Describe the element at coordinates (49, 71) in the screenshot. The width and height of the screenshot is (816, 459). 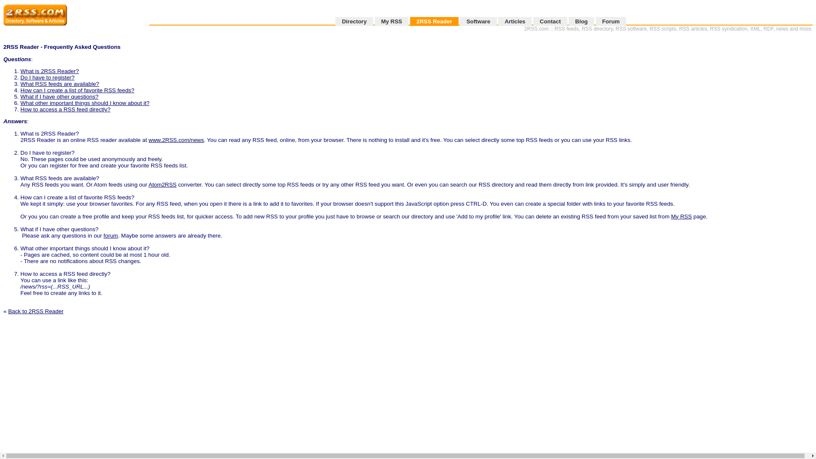
I see `'What is 2RSS Reader?'` at that location.